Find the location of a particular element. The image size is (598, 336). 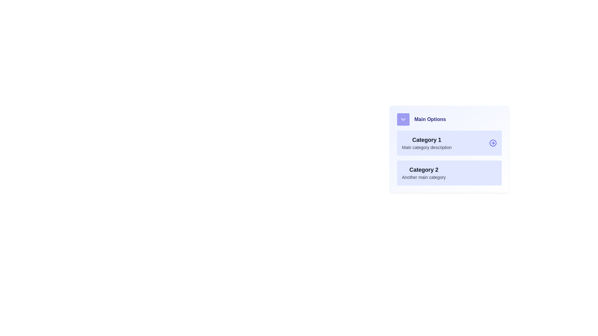

the Interactive card representing 'Category 1', which is the first entry in a vertical list of selectable category items is located at coordinates (449, 143).